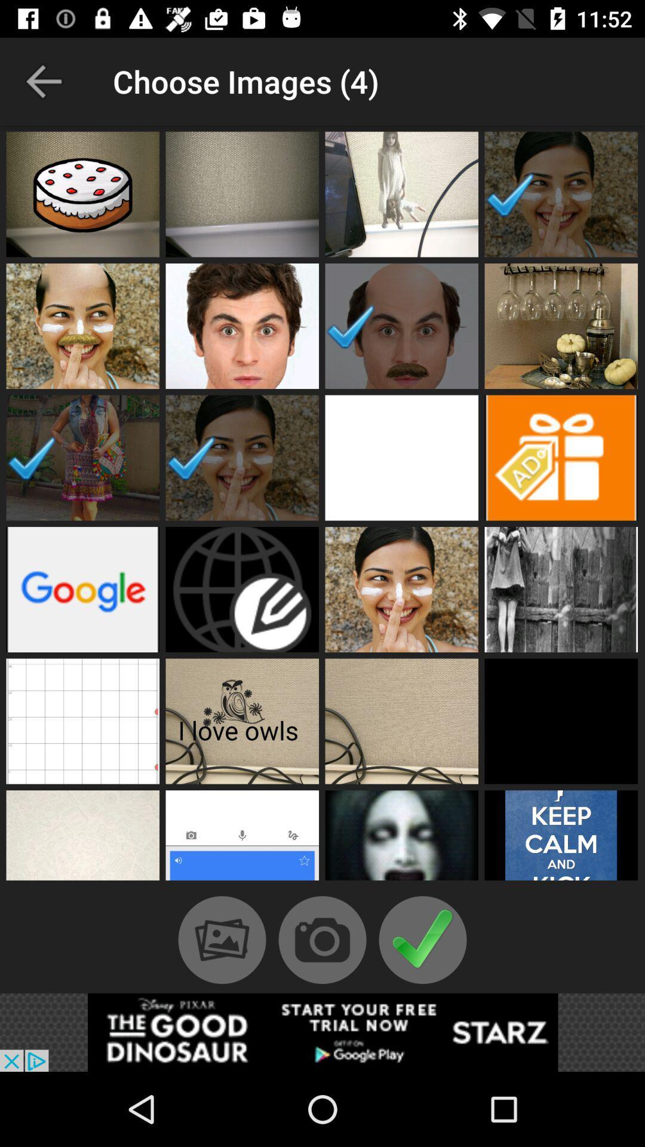  What do you see at coordinates (242, 326) in the screenshot?
I see `ateno par imagem do rosto` at bounding box center [242, 326].